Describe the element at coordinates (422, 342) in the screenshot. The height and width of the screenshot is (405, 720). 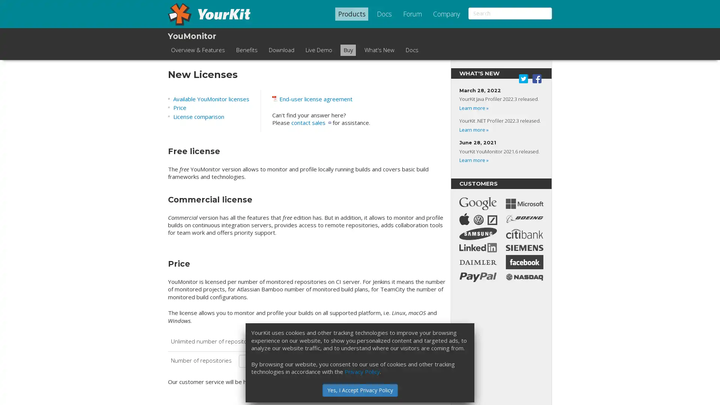
I see `Buy Now` at that location.